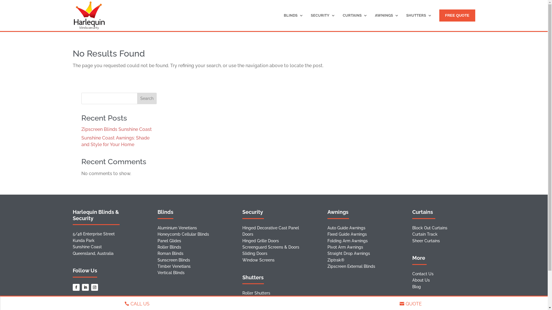 The image size is (552, 310). Describe the element at coordinates (342, 21) in the screenshot. I see `'CURTAINS'` at that location.